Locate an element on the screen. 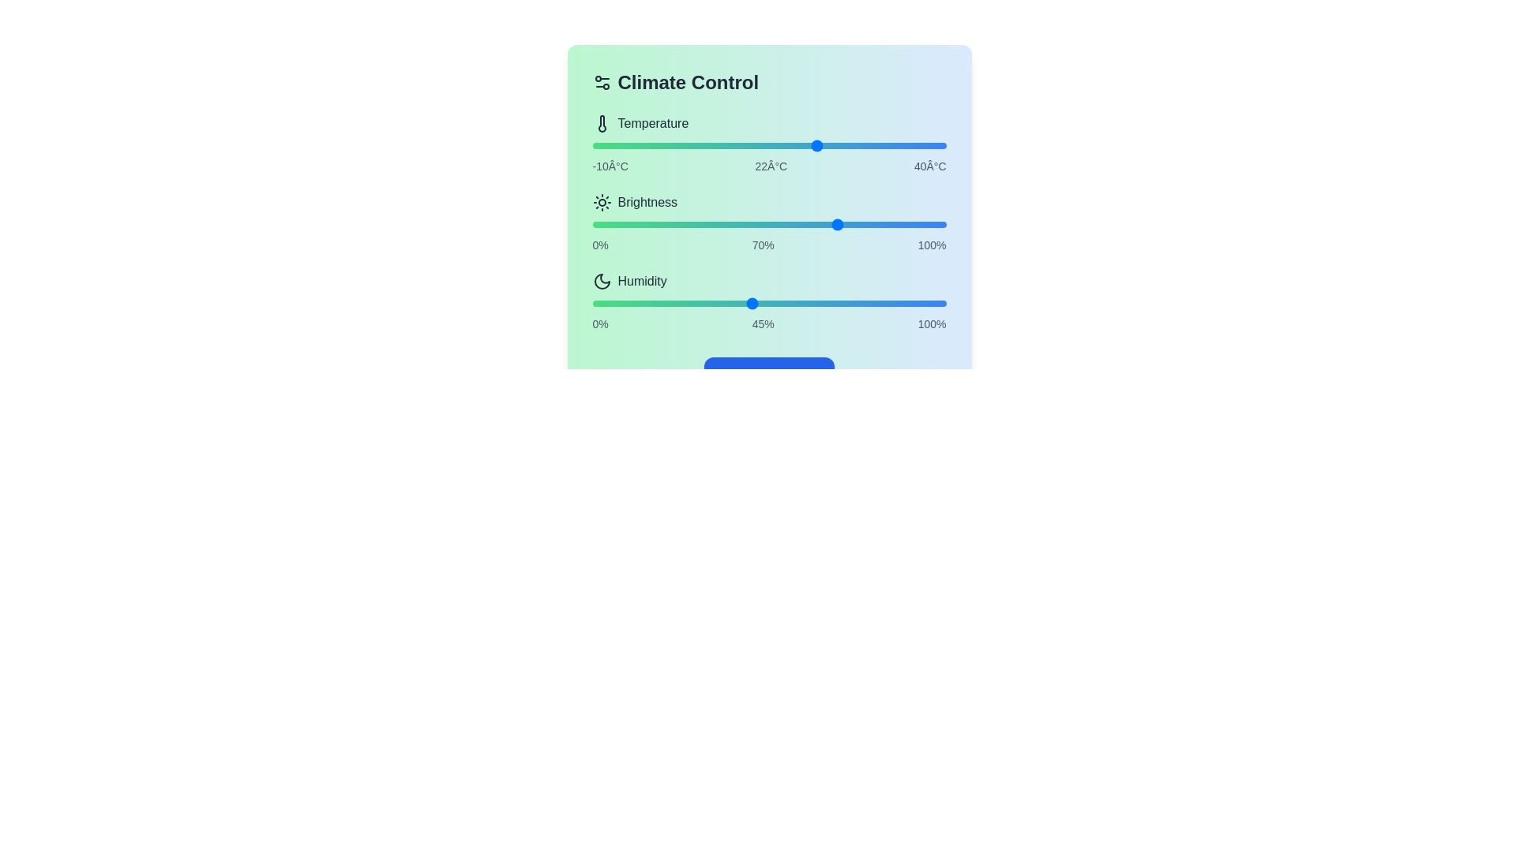 This screenshot has width=1516, height=852. the humidity level is located at coordinates (936, 304).